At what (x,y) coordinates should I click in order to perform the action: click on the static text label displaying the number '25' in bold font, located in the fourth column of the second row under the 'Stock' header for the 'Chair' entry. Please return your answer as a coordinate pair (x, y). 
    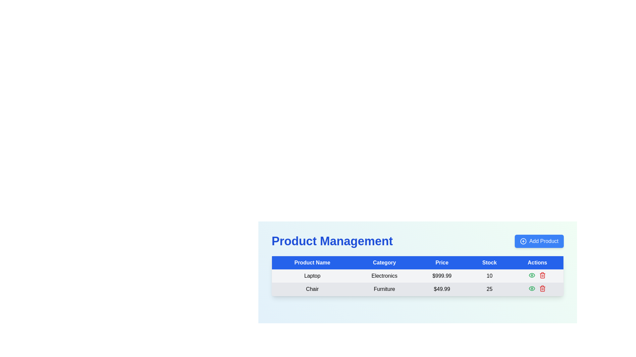
    Looking at the image, I should click on (489, 289).